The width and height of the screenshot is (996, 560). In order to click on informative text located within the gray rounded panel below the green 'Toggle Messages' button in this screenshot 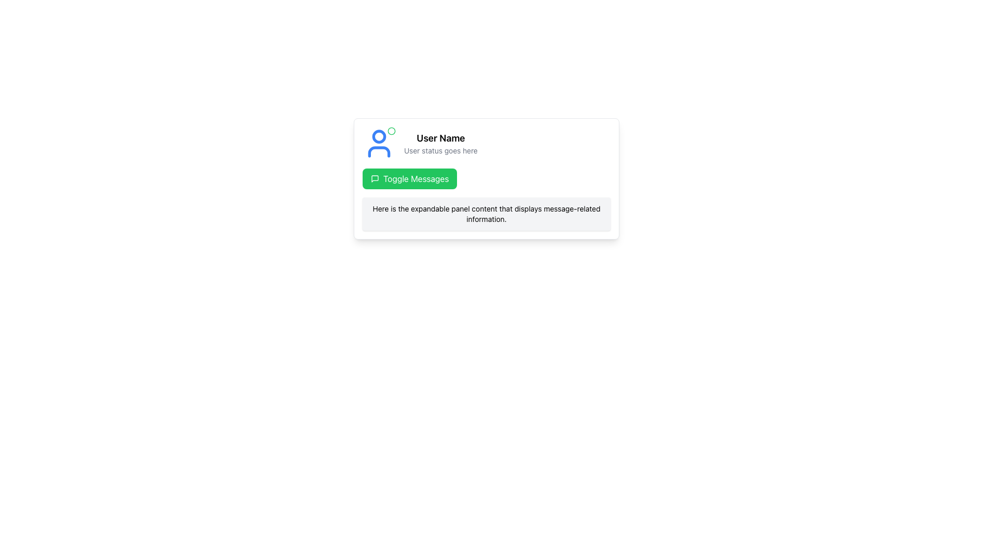, I will do `click(486, 213)`.